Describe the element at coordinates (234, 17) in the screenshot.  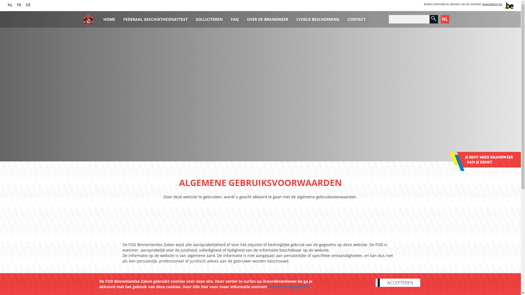
I see `'FAQ'` at that location.